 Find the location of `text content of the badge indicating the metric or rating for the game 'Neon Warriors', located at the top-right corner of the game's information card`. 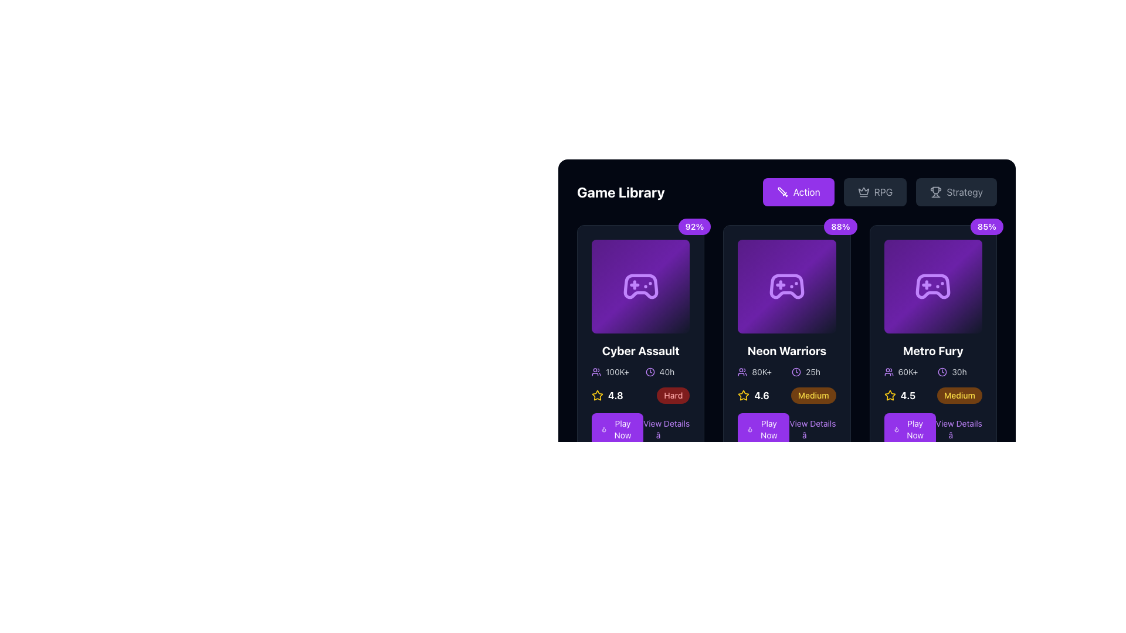

text content of the badge indicating the metric or rating for the game 'Neon Warriors', located at the top-right corner of the game's information card is located at coordinates (840, 226).